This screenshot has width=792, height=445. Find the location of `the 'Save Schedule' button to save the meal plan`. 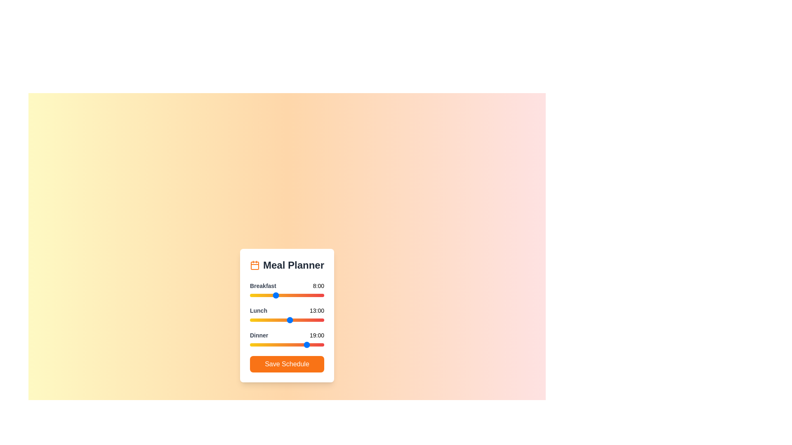

the 'Save Schedule' button to save the meal plan is located at coordinates (287, 363).